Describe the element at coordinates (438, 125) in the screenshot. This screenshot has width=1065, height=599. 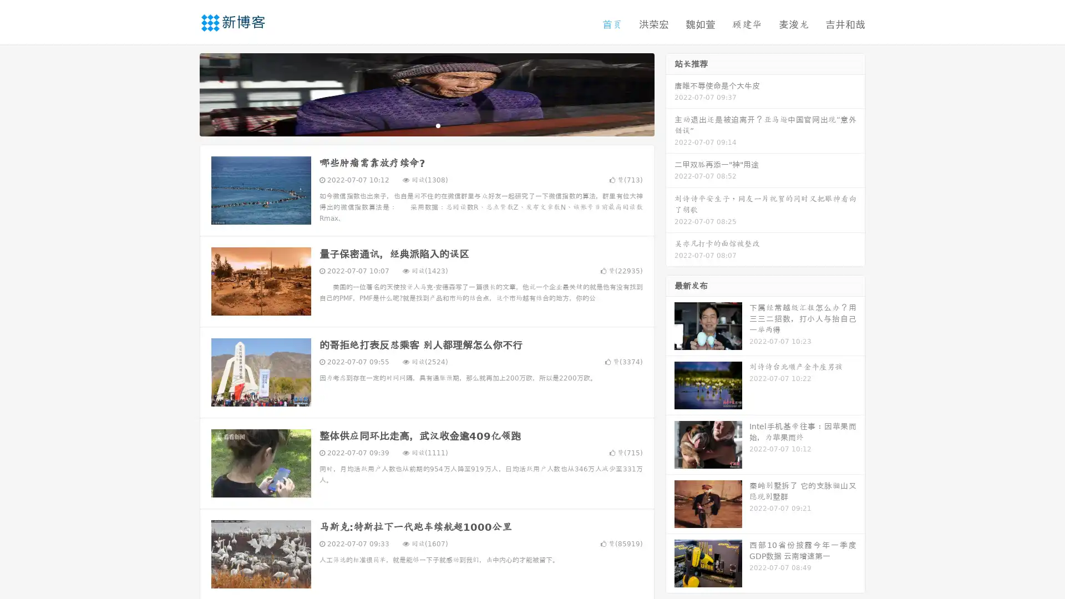
I see `Go to slide 3` at that location.